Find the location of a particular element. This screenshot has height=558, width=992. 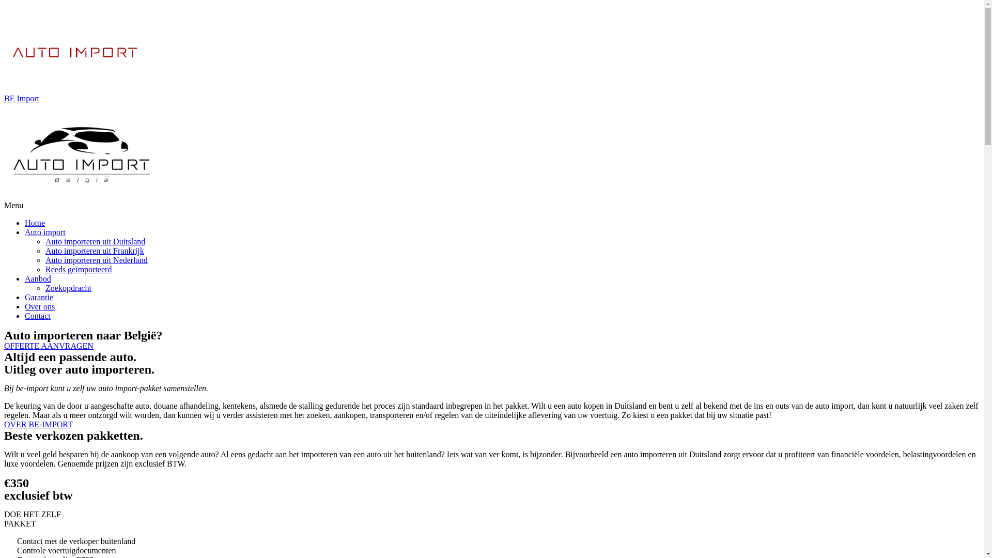

'Auto importeren uit Frankrijk' is located at coordinates (95, 251).